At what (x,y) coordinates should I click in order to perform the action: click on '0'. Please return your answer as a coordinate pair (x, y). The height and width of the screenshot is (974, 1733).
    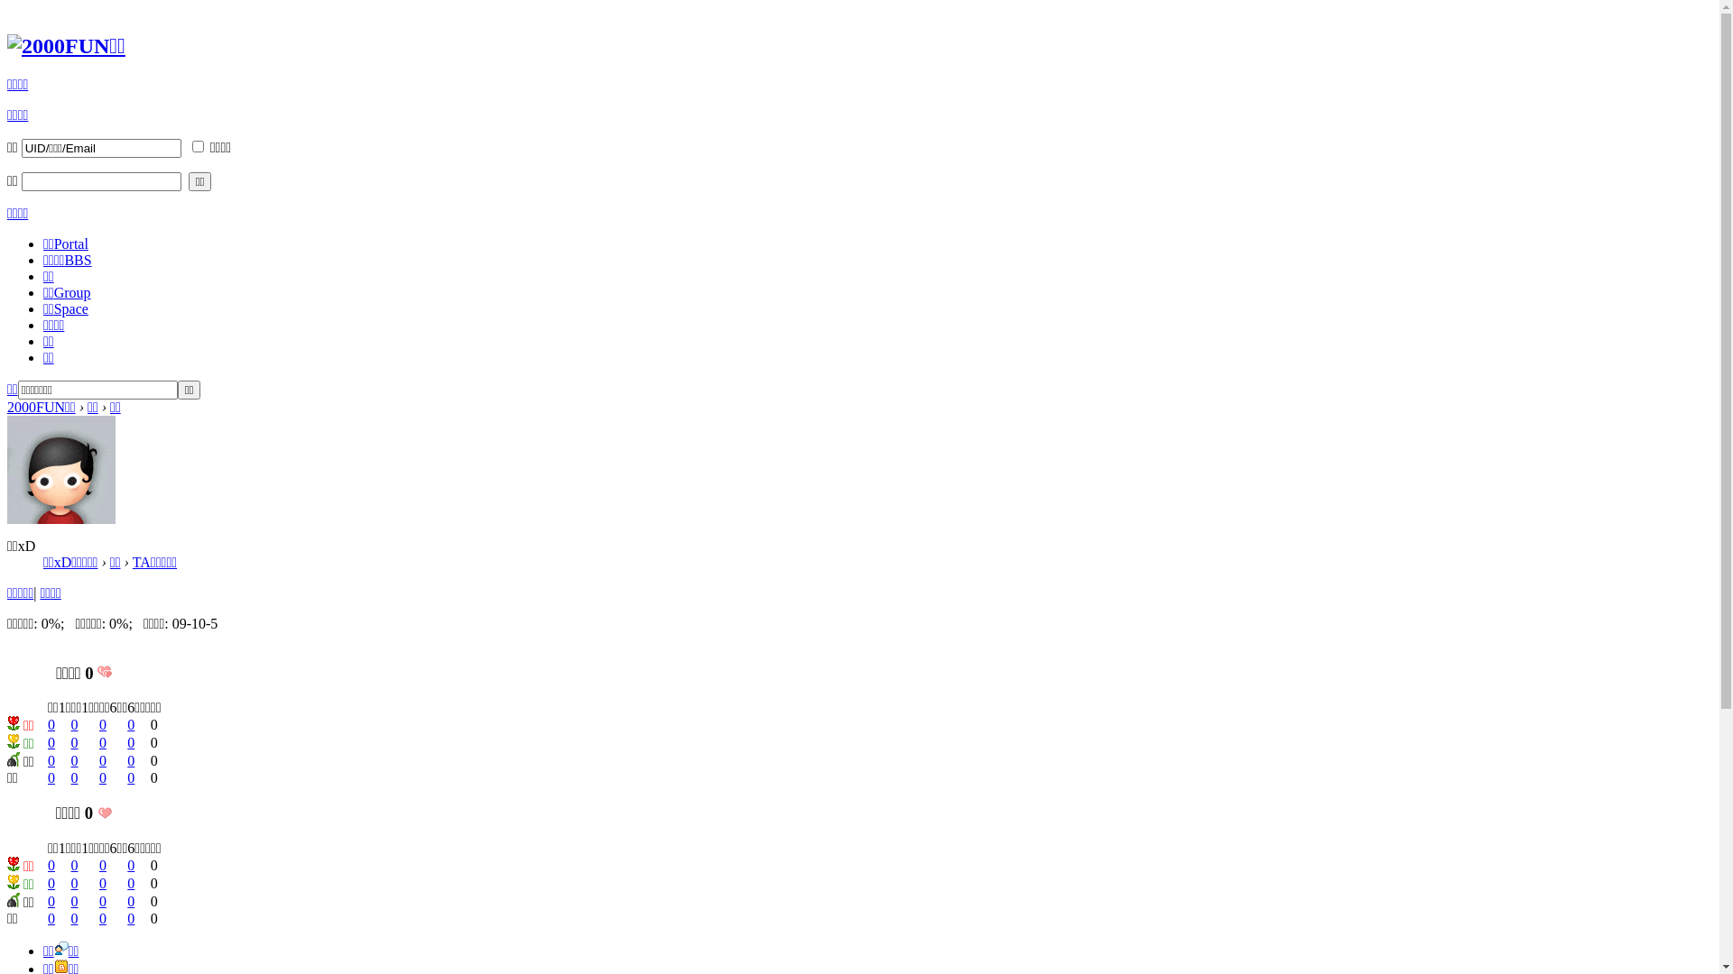
    Looking at the image, I should click on (73, 723).